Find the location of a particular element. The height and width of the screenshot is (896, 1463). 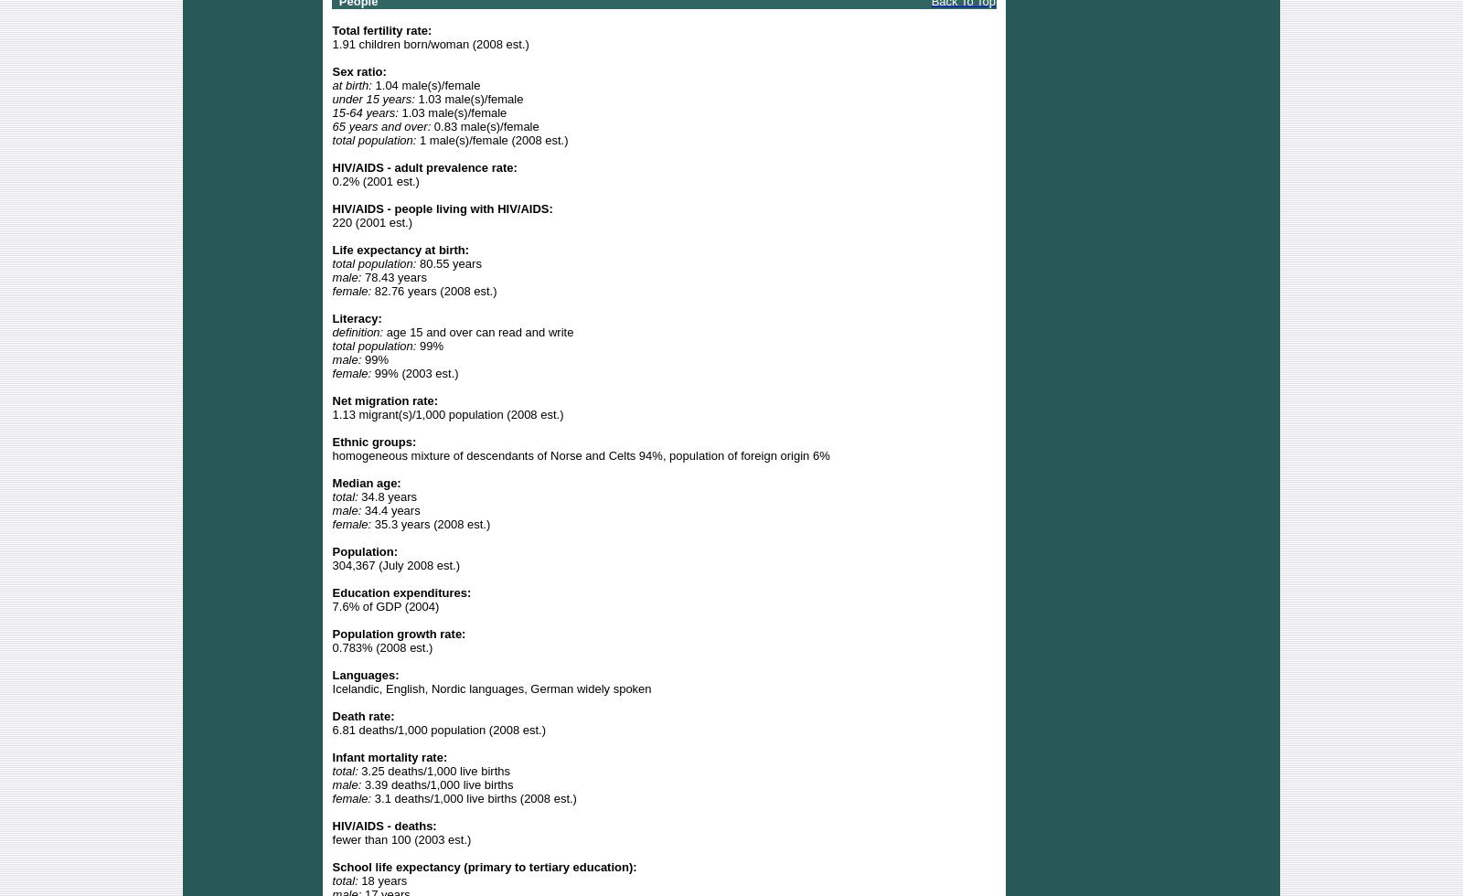

'6.81 deaths/1,000 population (2008 est.)' is located at coordinates (438, 729).